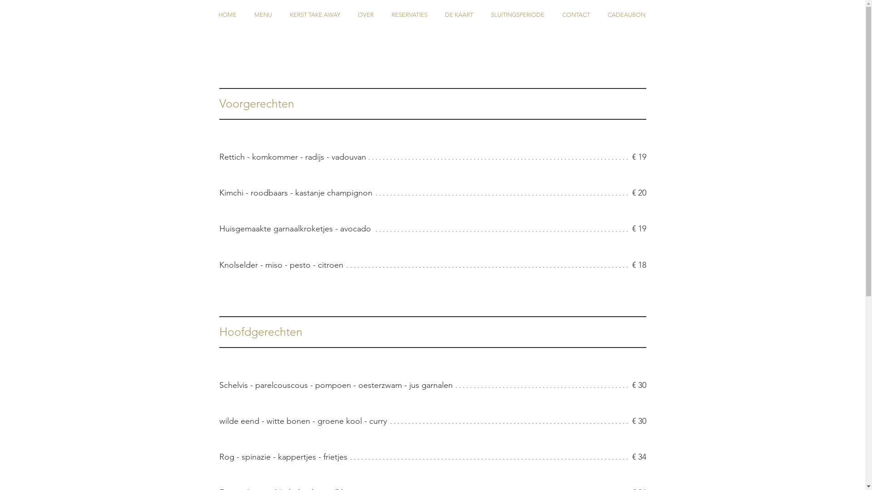 The height and width of the screenshot is (490, 872). What do you see at coordinates (366, 15) in the screenshot?
I see `'OVER'` at bounding box center [366, 15].